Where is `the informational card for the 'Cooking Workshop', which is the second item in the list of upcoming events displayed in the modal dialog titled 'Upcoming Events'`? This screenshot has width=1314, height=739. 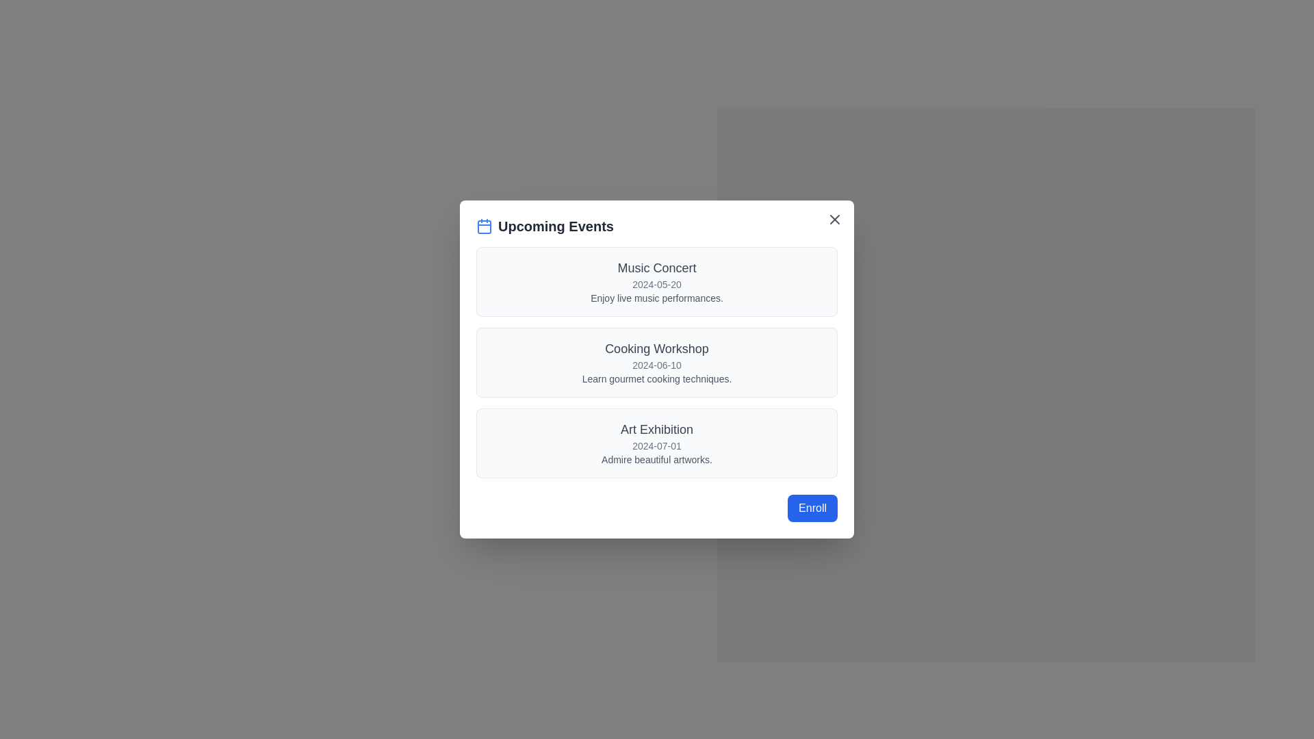 the informational card for the 'Cooking Workshop', which is the second item in the list of upcoming events displayed in the modal dialog titled 'Upcoming Events' is located at coordinates (657, 361).